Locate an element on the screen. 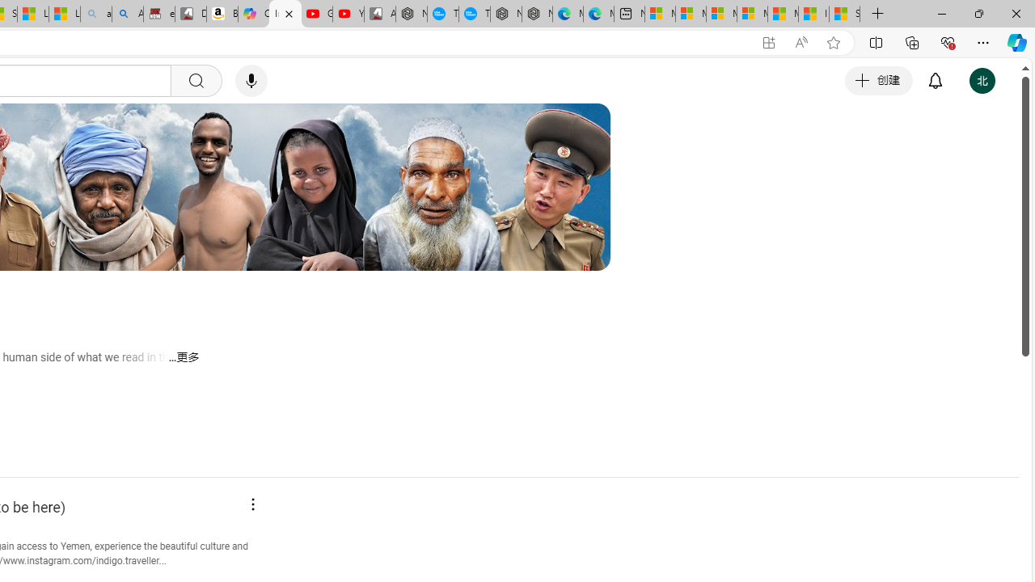 The width and height of the screenshot is (1035, 582). 'Copilot' is located at coordinates (252, 14).